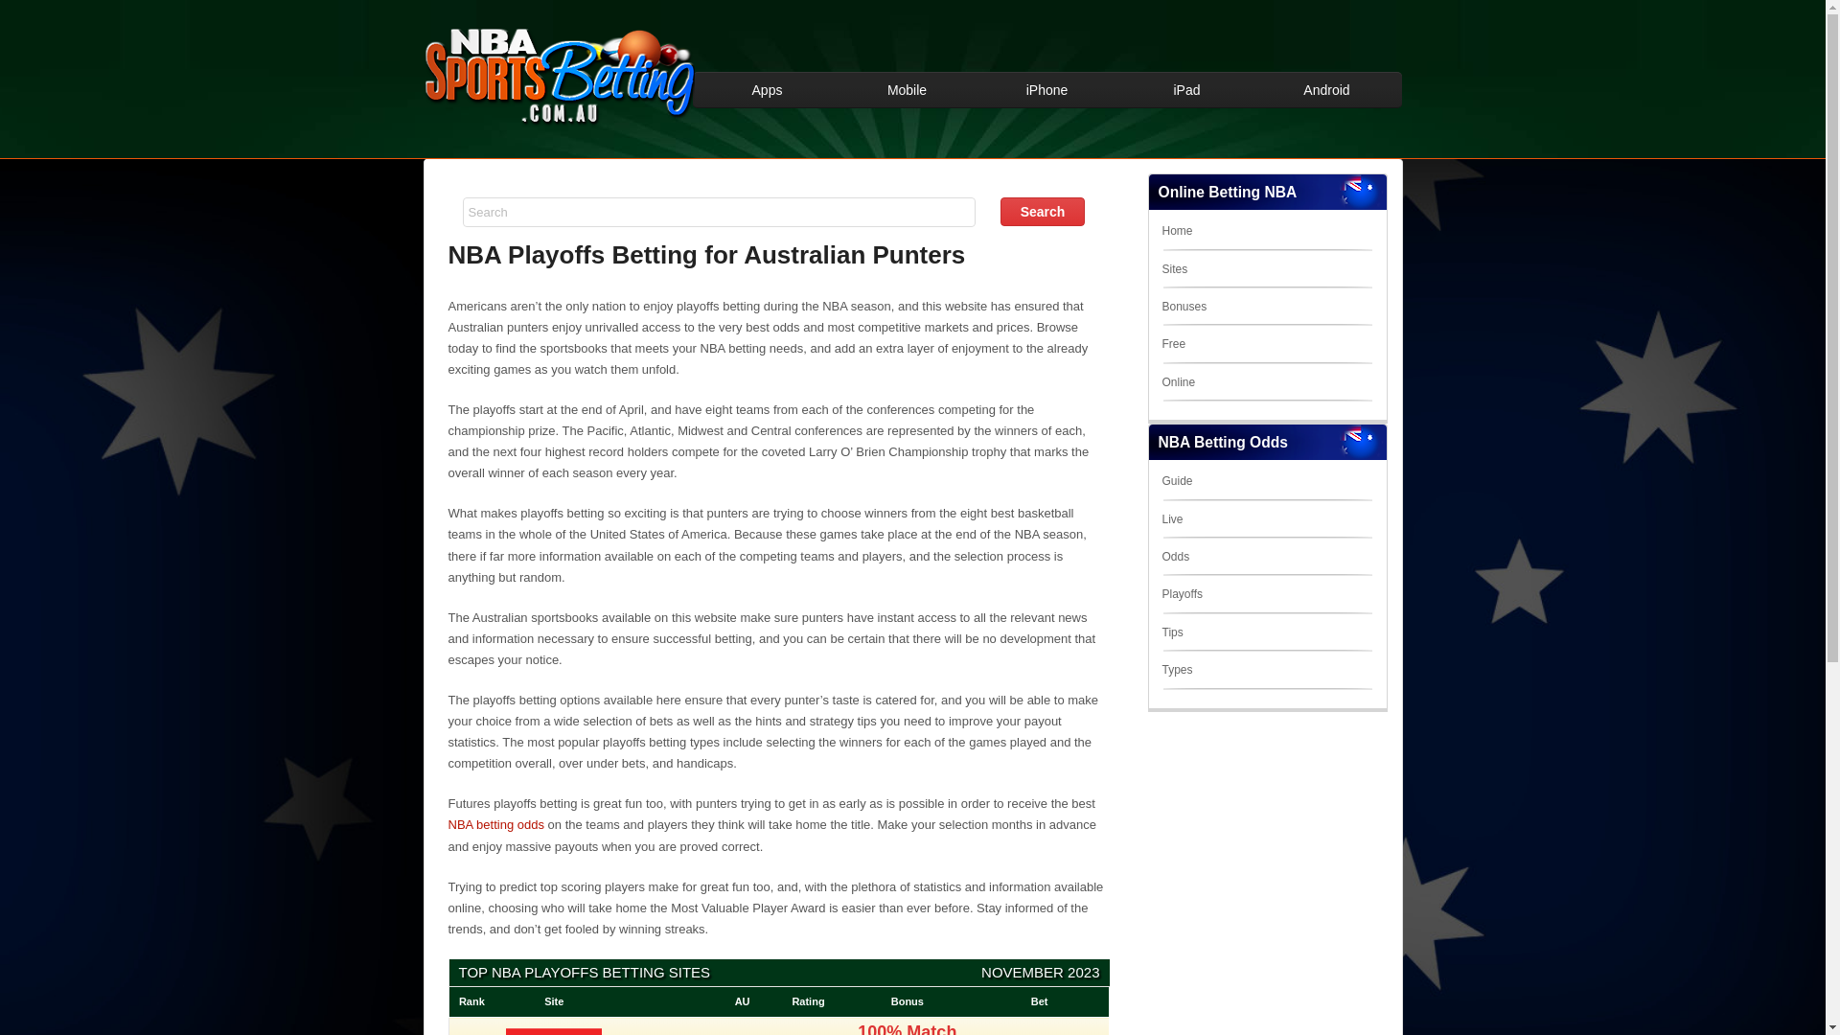 This screenshot has width=1840, height=1035. I want to click on 'Home', so click(1176, 229).